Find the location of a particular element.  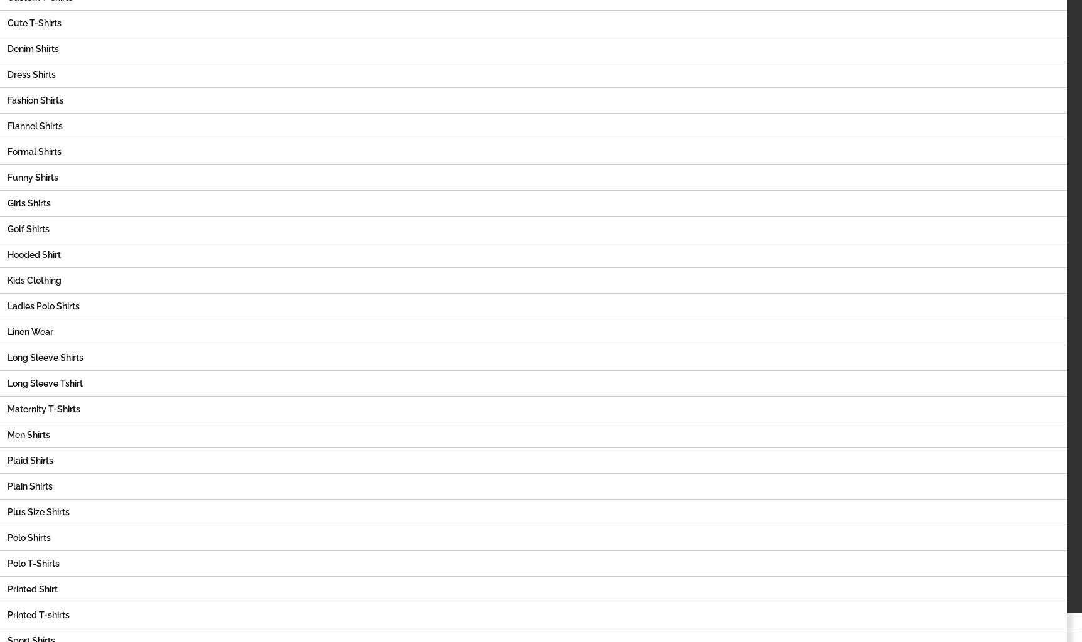

'Maternity T-Shirts' is located at coordinates (43, 409).